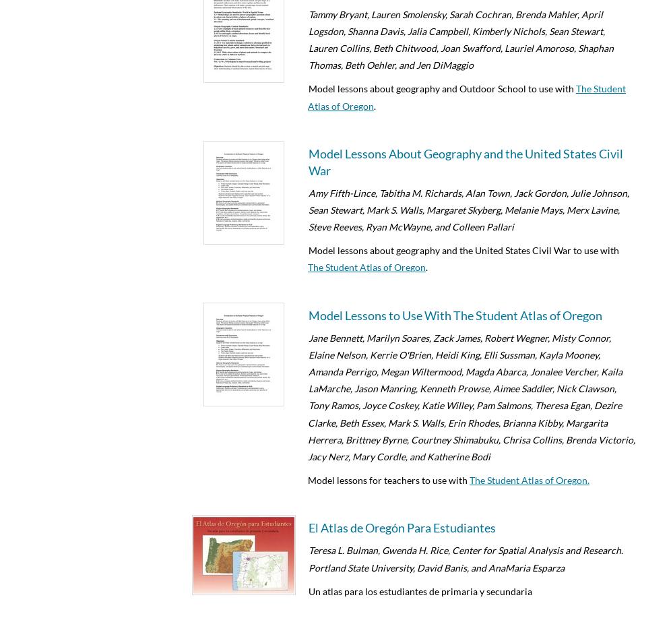 This screenshot has height=643, width=671. Describe the element at coordinates (455, 314) in the screenshot. I see `'Model Lessons to Use With The Student Atlas of Oregon'` at that location.